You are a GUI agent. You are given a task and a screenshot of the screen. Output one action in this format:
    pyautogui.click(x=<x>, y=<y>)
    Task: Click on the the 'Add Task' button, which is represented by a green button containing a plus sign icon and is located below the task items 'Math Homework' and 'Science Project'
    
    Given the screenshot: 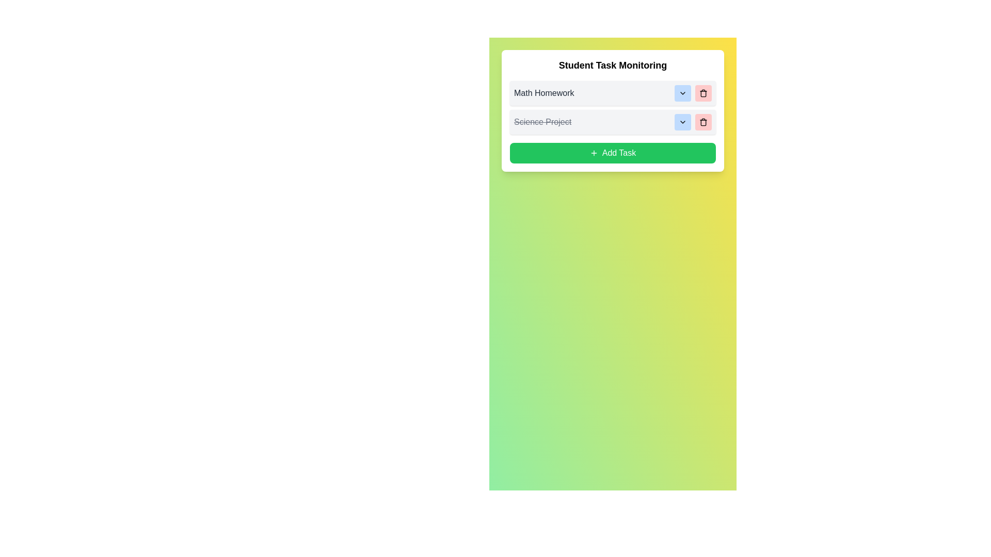 What is the action you would take?
    pyautogui.click(x=594, y=153)
    